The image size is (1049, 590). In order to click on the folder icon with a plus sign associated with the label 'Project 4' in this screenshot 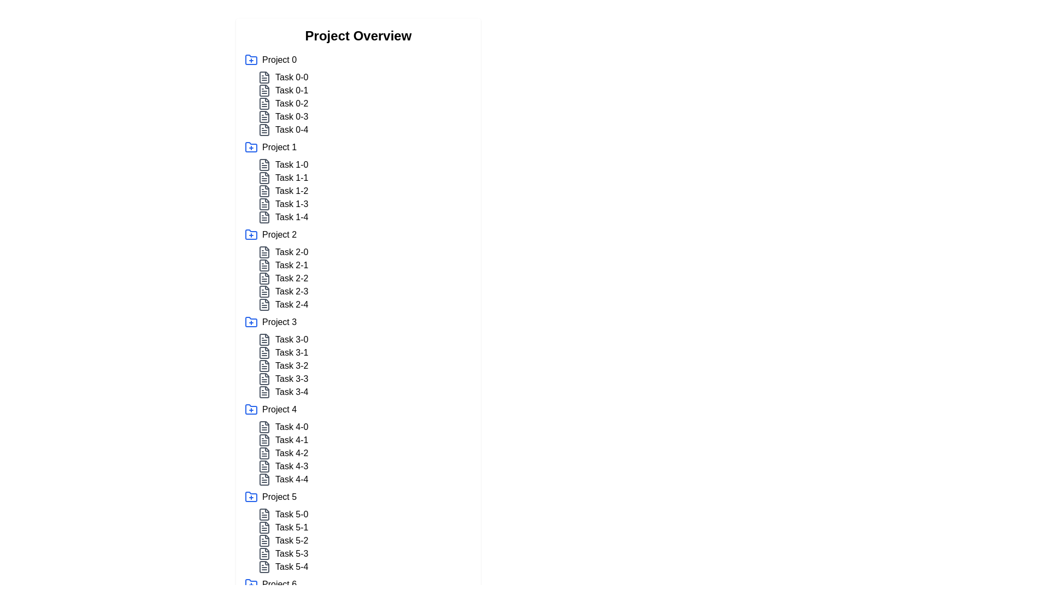, I will do `click(251, 409)`.